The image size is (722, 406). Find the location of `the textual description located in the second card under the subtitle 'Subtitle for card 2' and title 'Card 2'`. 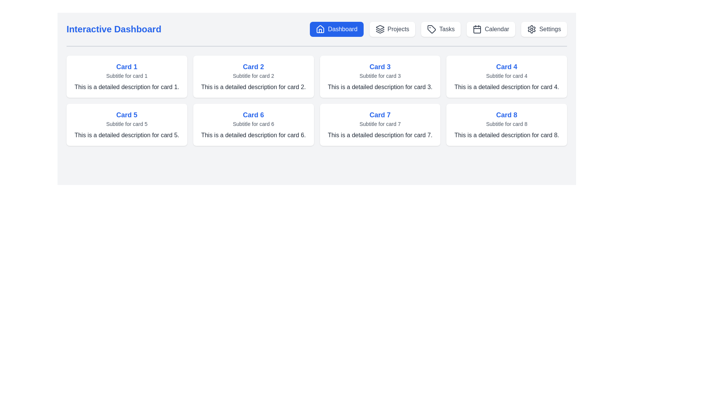

the textual description located in the second card under the subtitle 'Subtitle for card 2' and title 'Card 2' is located at coordinates (253, 86).